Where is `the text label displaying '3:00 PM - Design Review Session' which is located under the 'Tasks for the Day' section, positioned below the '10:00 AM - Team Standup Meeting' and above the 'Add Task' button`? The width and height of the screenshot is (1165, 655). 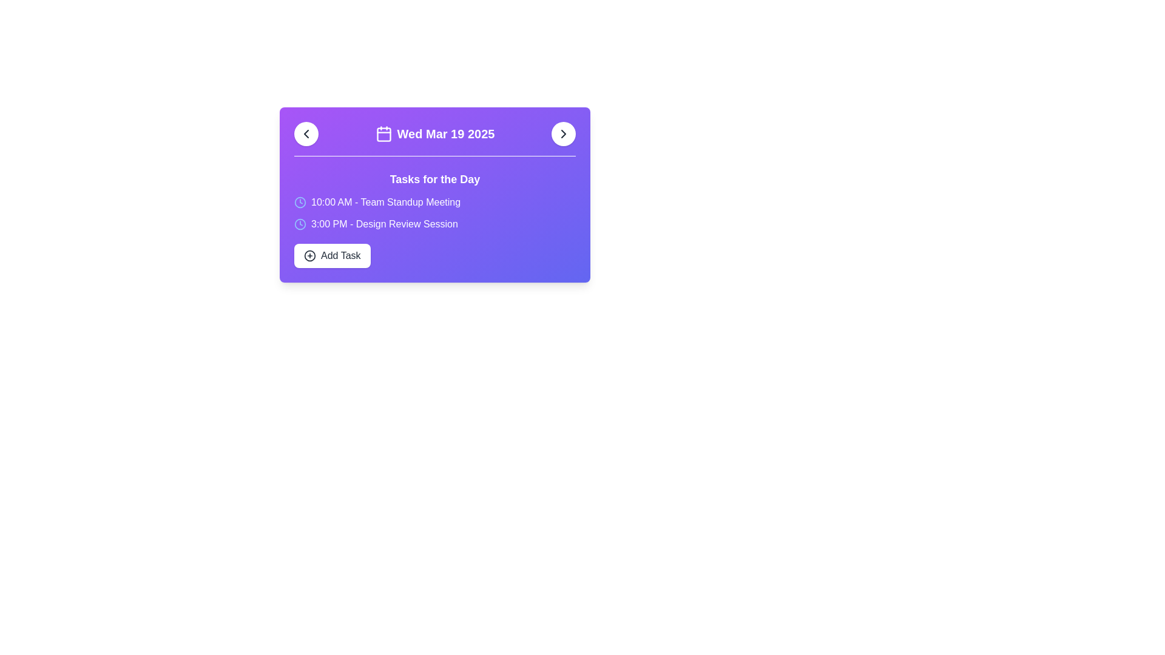 the text label displaying '3:00 PM - Design Review Session' which is located under the 'Tasks for the Day' section, positioned below the '10:00 AM - Team Standup Meeting' and above the 'Add Task' button is located at coordinates (383, 224).